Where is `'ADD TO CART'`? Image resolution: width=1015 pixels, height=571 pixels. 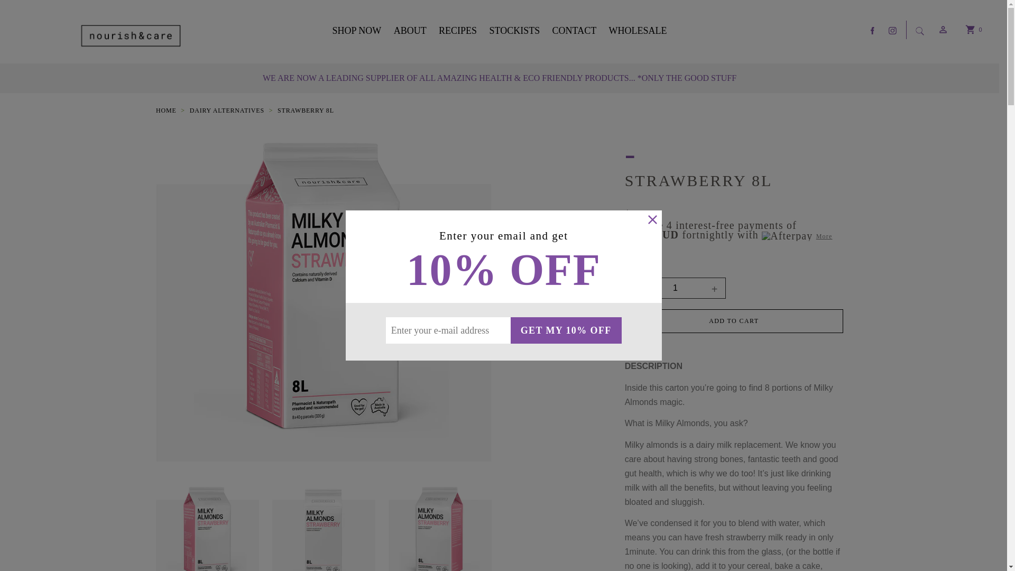
'ADD TO CART' is located at coordinates (733, 321).